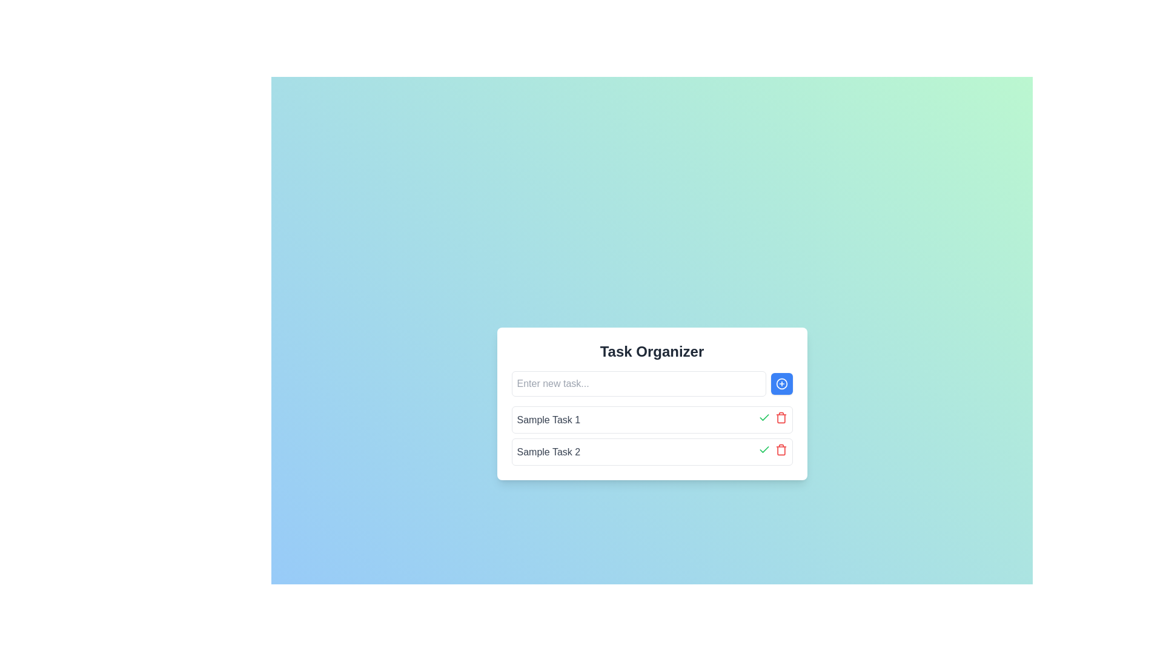 The width and height of the screenshot is (1163, 654). I want to click on the red-colored trash can icon button with an outlined design, which is the second interactive element in the row, to change its shade, so click(781, 450).